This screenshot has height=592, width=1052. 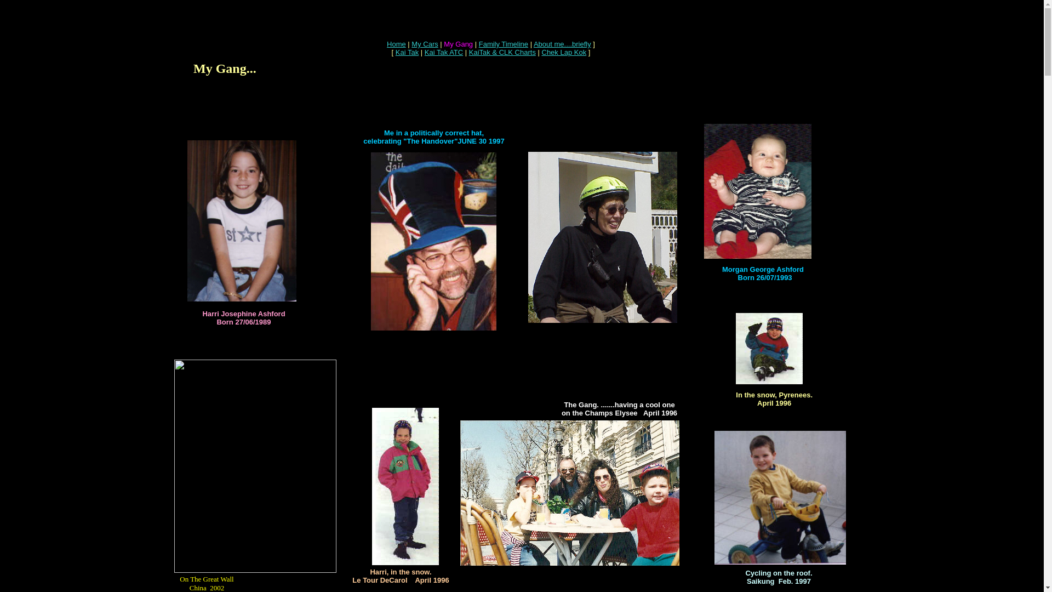 What do you see at coordinates (396, 43) in the screenshot?
I see `'Home'` at bounding box center [396, 43].